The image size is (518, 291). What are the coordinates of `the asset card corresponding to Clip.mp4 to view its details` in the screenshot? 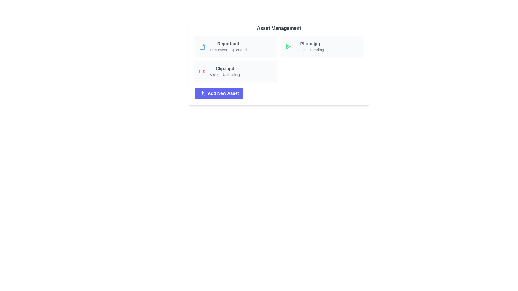 It's located at (236, 71).